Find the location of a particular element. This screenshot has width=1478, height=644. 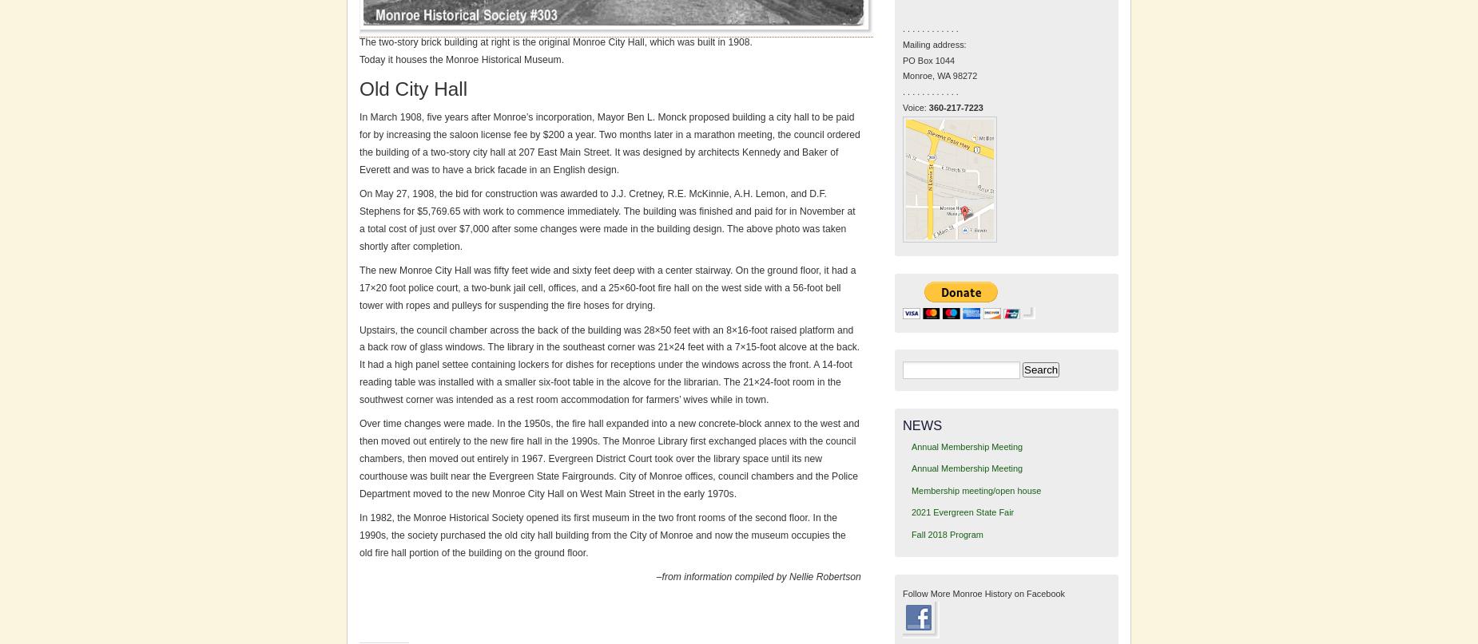

'On May 27, 1908, the bid for construction was awarded to J.J. Cretney, R.E. McKinnie, A.H. Lemon, and D.F. Stephens for $5,769.65 with work to commence immediately. The building was finished and paid for in November at a total cost of just over $7,000 after some changes were made in the building design. The above photo was taken shortly after completion.' is located at coordinates (606, 219).